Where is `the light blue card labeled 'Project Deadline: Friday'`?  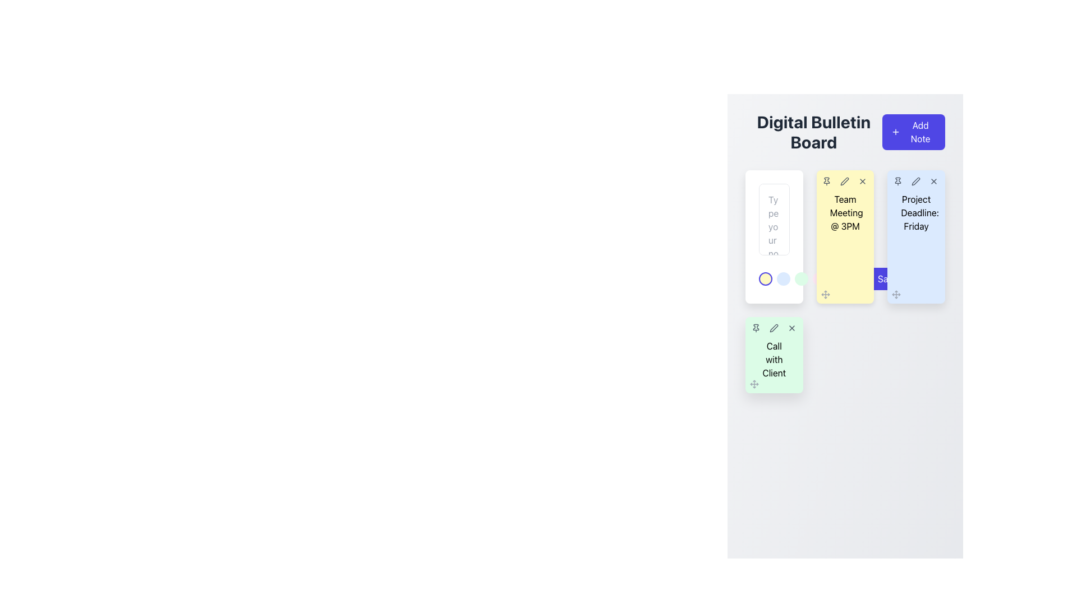
the light blue card labeled 'Project Deadline: Friday' is located at coordinates (916, 236).